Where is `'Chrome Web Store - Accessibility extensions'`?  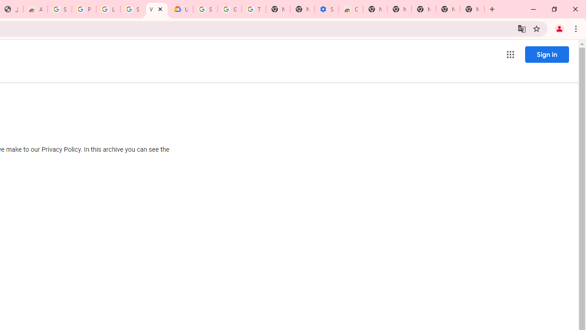 'Chrome Web Store - Accessibility extensions' is located at coordinates (350, 9).